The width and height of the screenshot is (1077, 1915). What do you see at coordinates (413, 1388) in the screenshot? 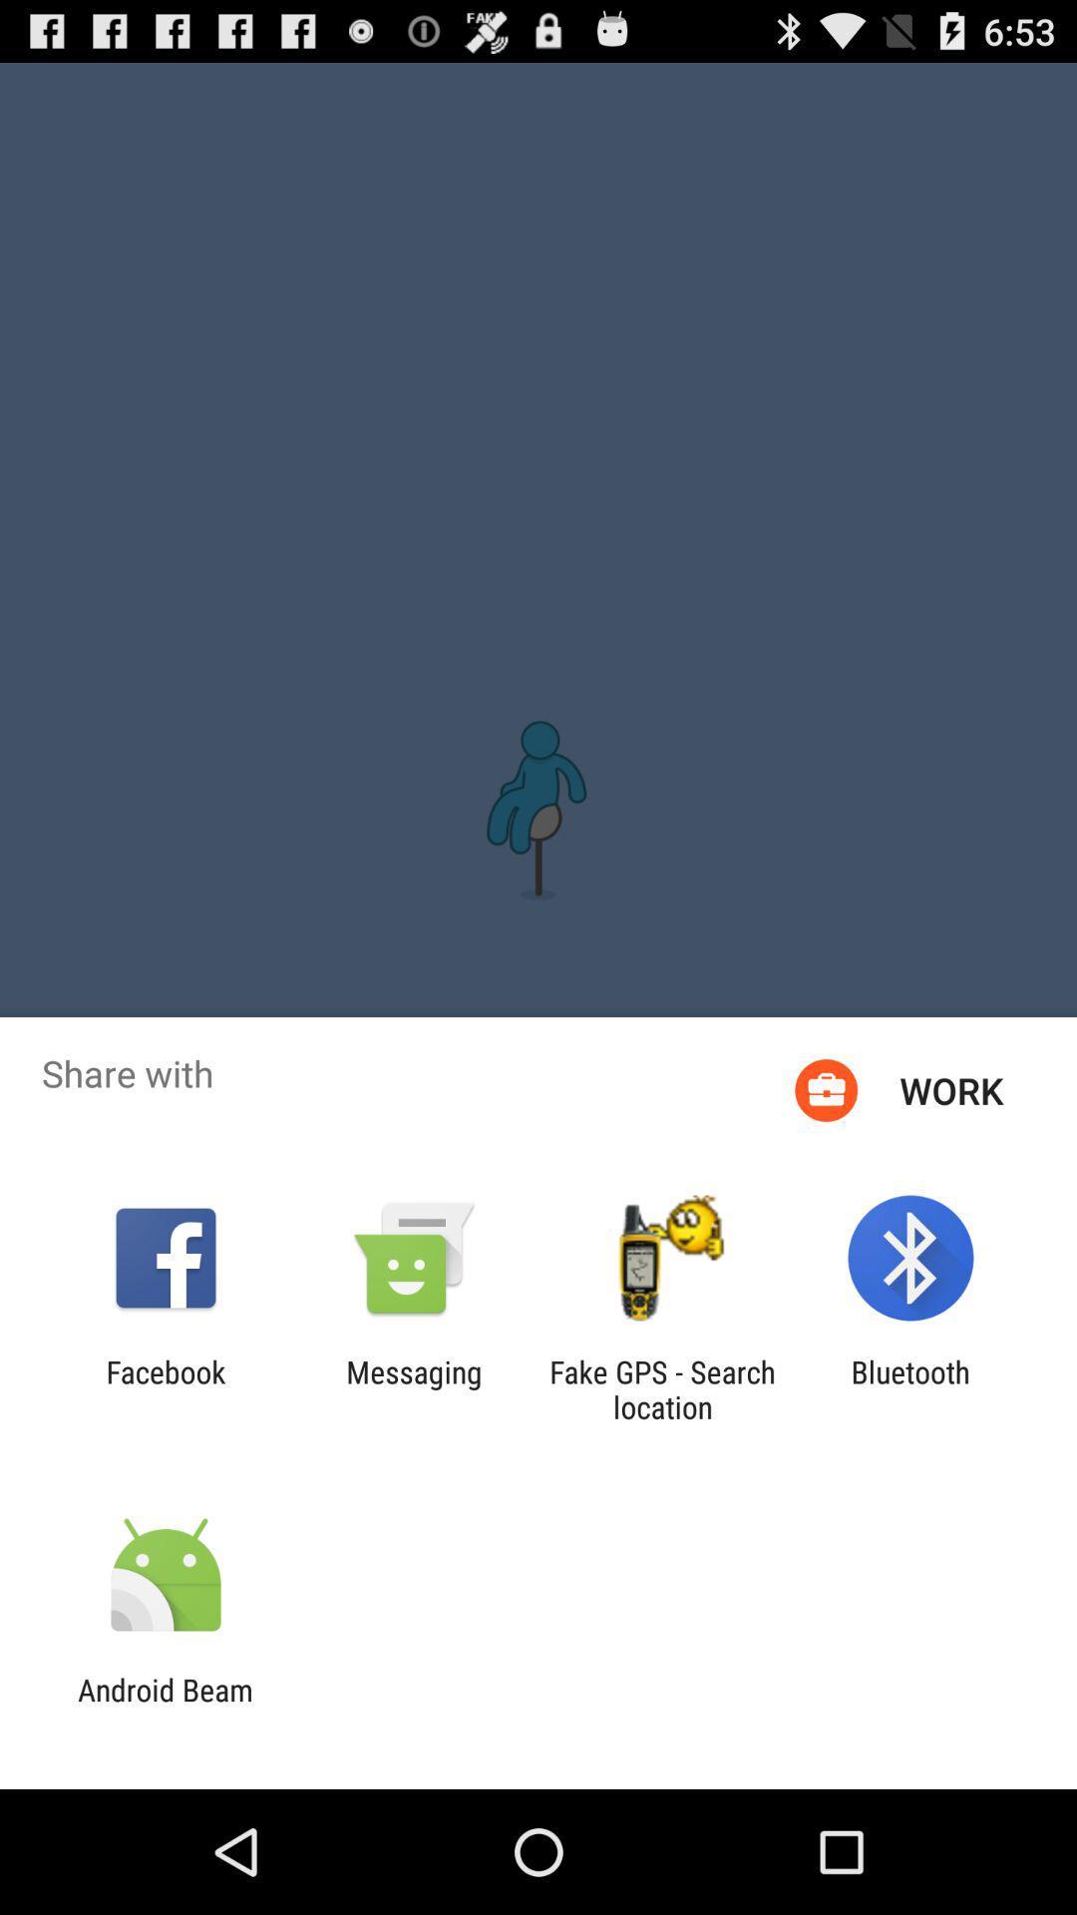
I see `app next to fake gps search` at bounding box center [413, 1388].